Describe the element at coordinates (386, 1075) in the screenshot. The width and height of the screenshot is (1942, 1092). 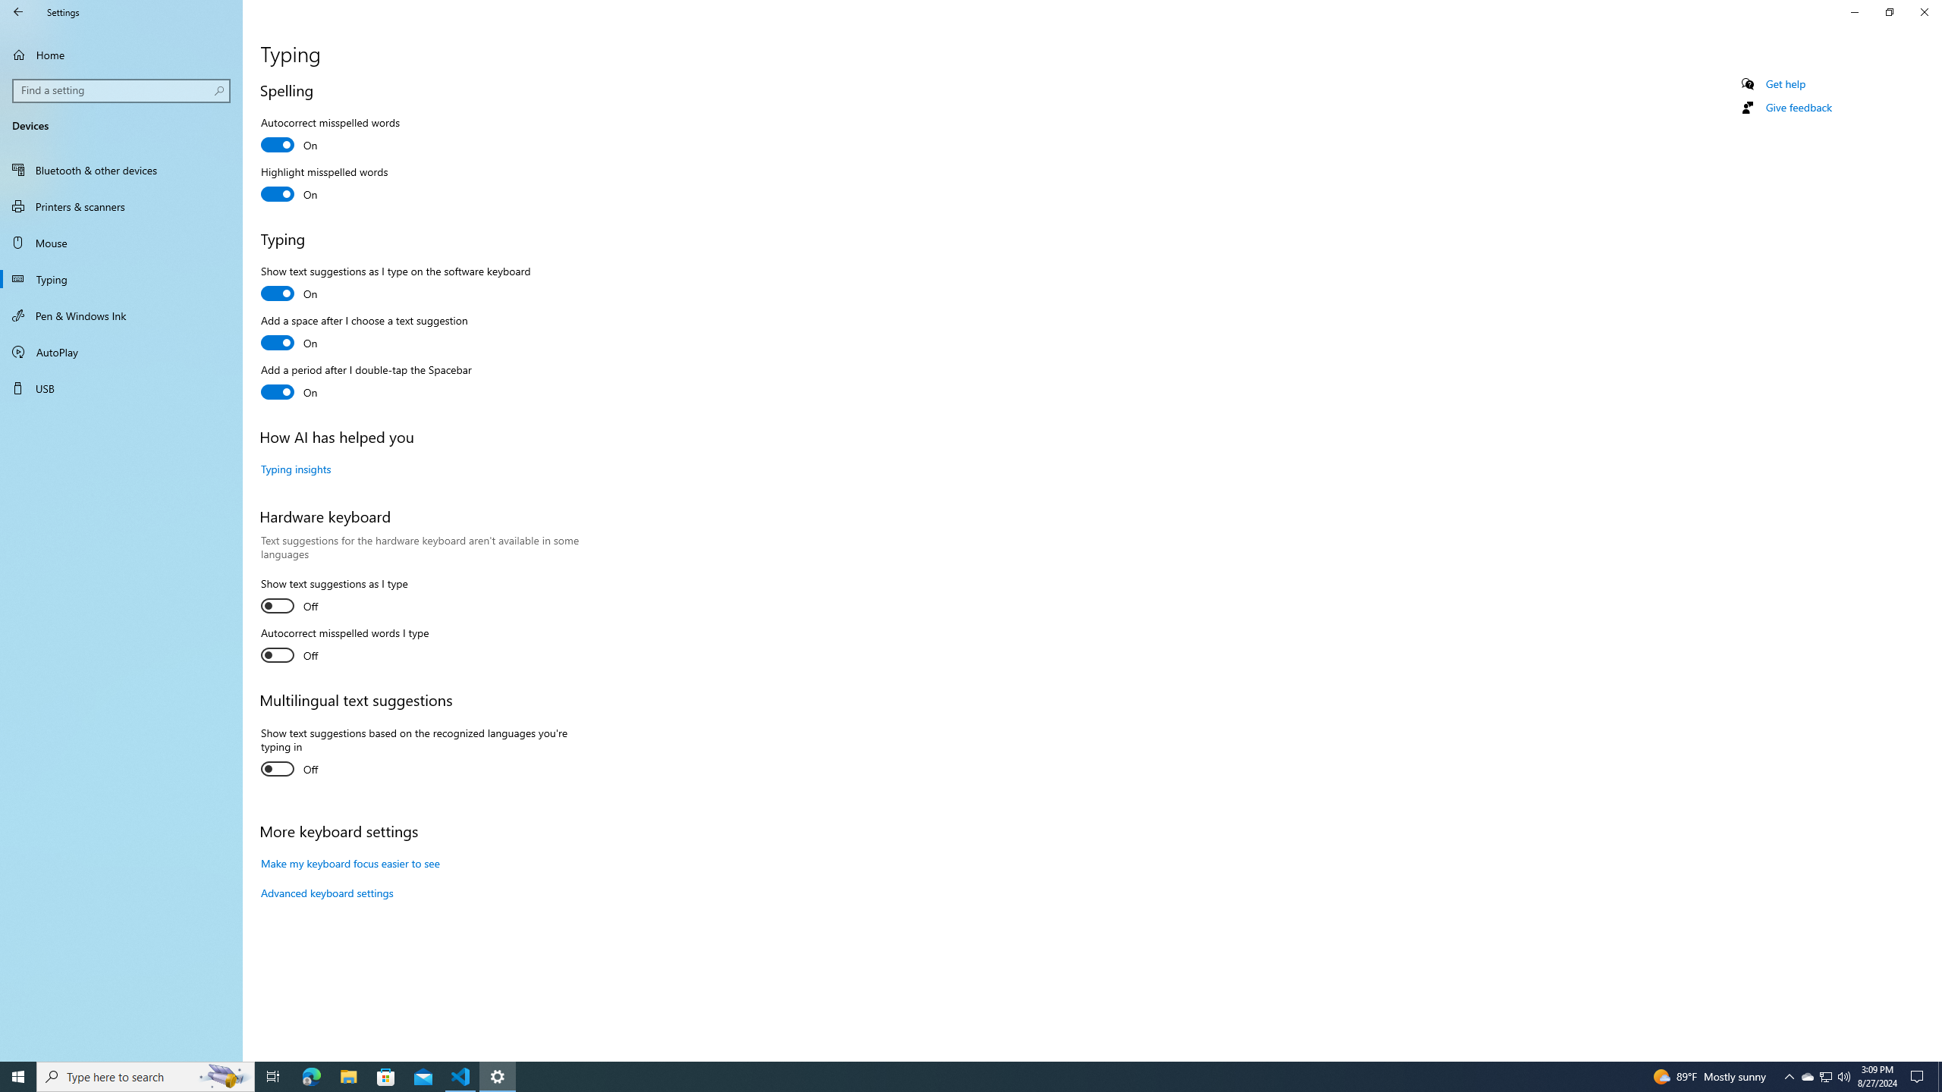
I see `'Microsoft Store'` at that location.